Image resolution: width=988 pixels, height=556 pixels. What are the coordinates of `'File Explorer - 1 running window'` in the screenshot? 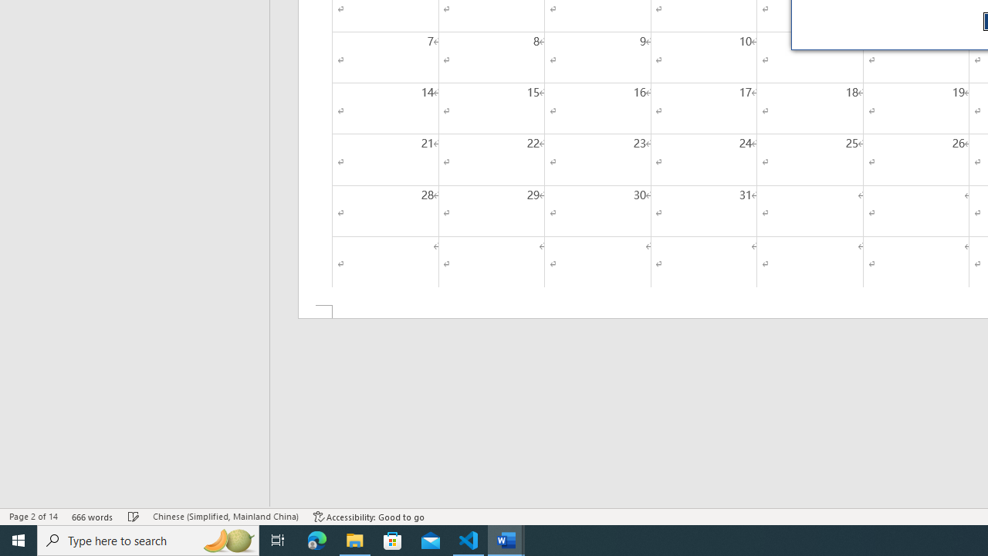 It's located at (354, 539).